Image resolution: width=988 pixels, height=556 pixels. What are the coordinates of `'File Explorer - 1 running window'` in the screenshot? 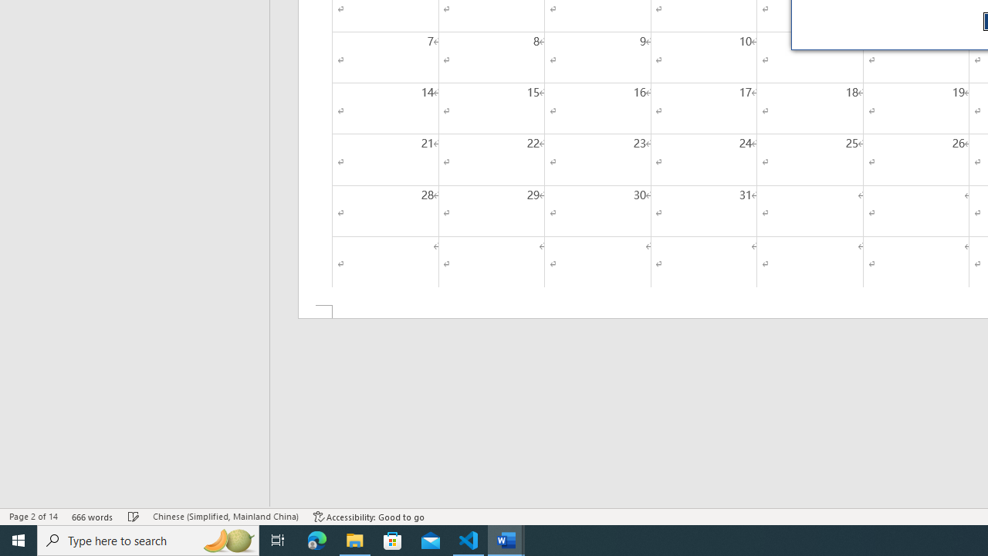 It's located at (354, 539).